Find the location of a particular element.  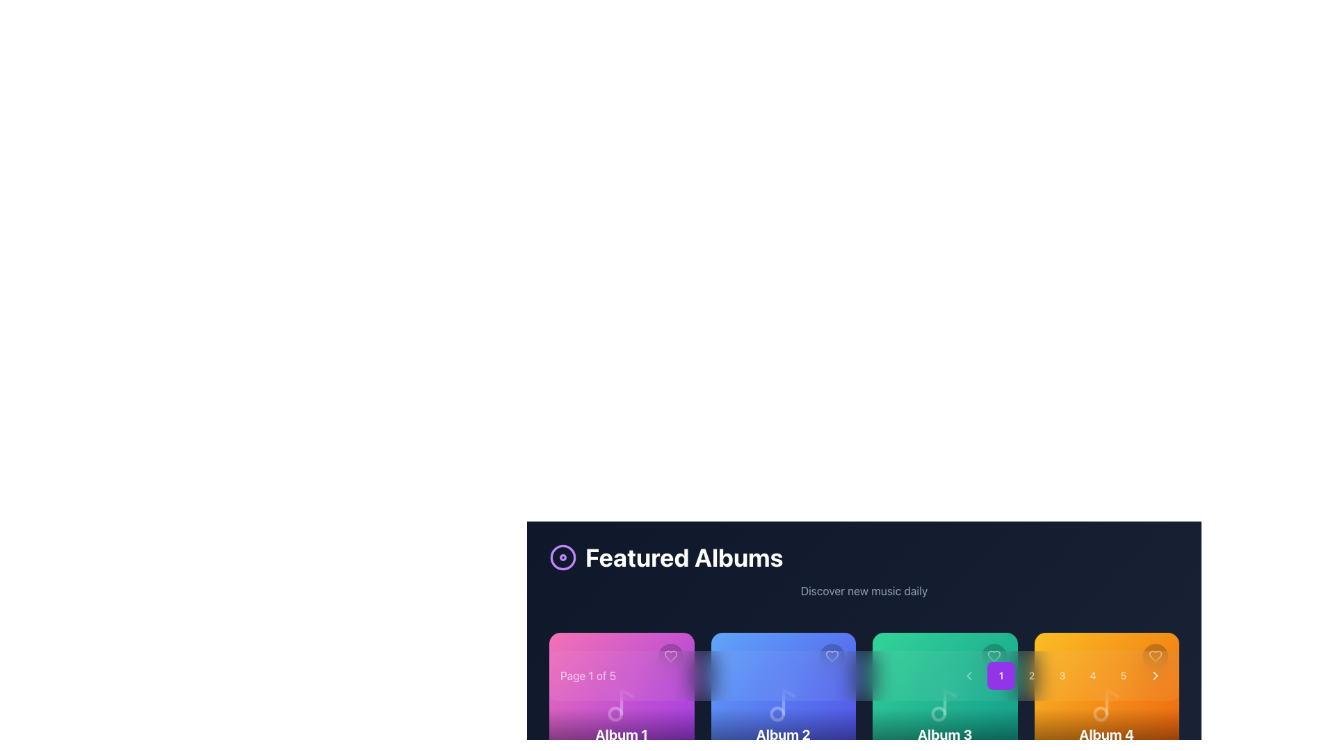

the text label displaying 'Album 2', which is styled in a bold font and placed within a gradient background, located in the center of a card above 'Artist 2' is located at coordinates (783, 734).